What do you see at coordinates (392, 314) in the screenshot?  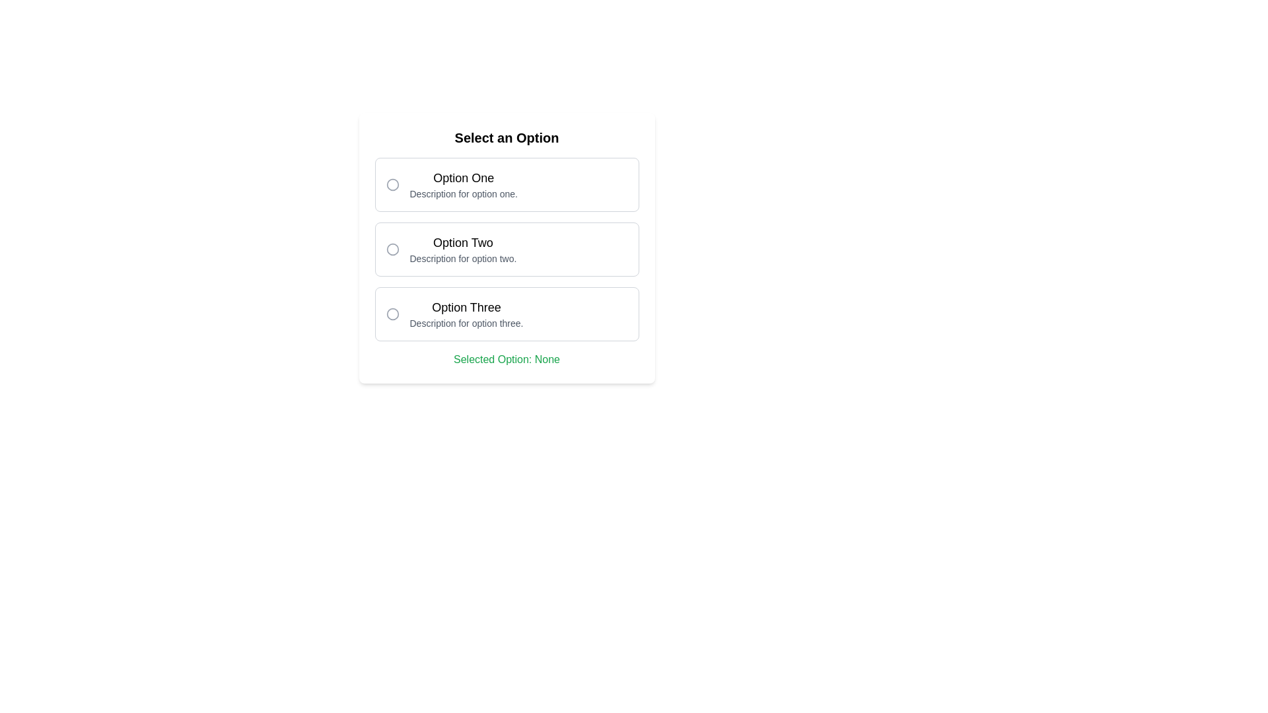 I see `the circular checkbox located to the left of the 'Option Three' text label` at bounding box center [392, 314].